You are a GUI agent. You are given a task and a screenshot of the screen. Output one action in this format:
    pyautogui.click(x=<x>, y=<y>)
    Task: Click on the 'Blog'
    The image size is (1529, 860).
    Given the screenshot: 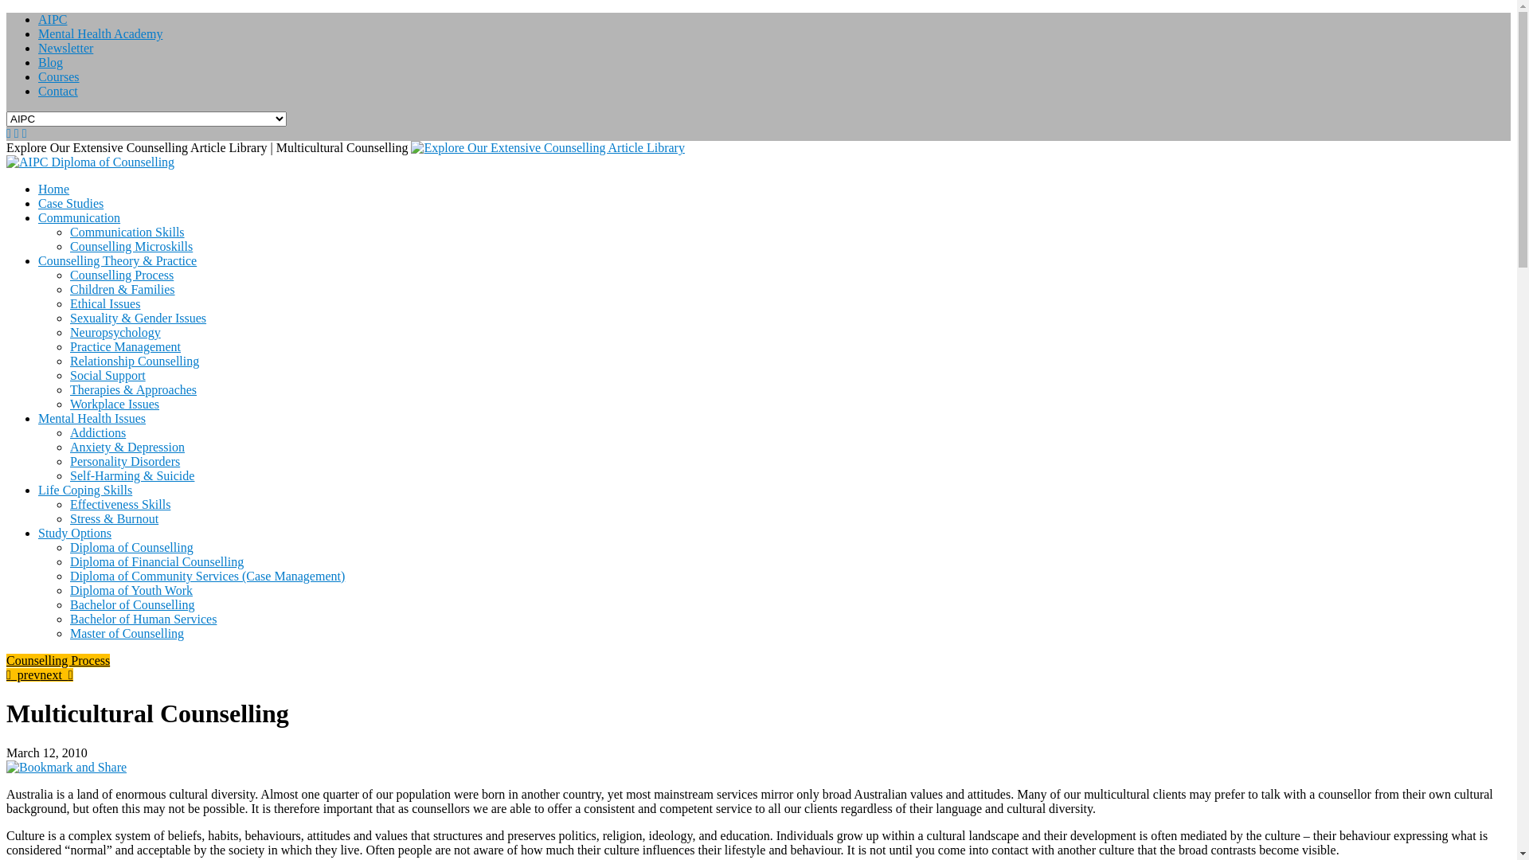 What is the action you would take?
    pyautogui.click(x=38, y=61)
    